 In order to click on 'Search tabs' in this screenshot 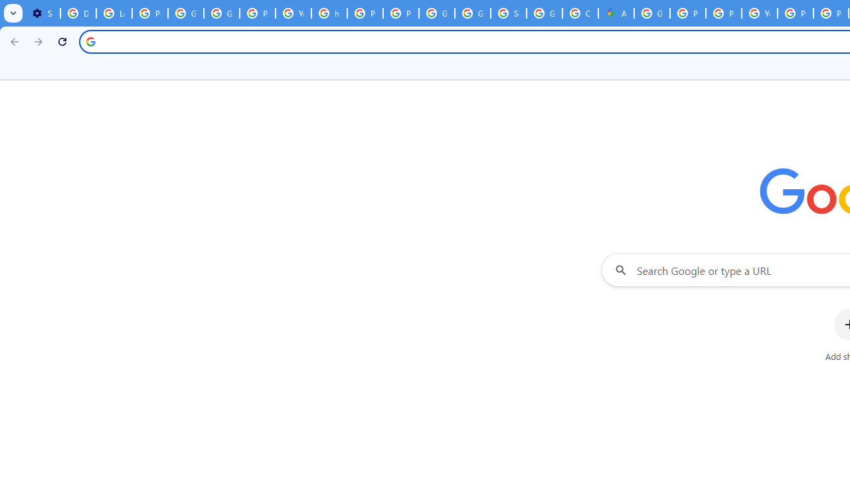, I will do `click(13, 13)`.